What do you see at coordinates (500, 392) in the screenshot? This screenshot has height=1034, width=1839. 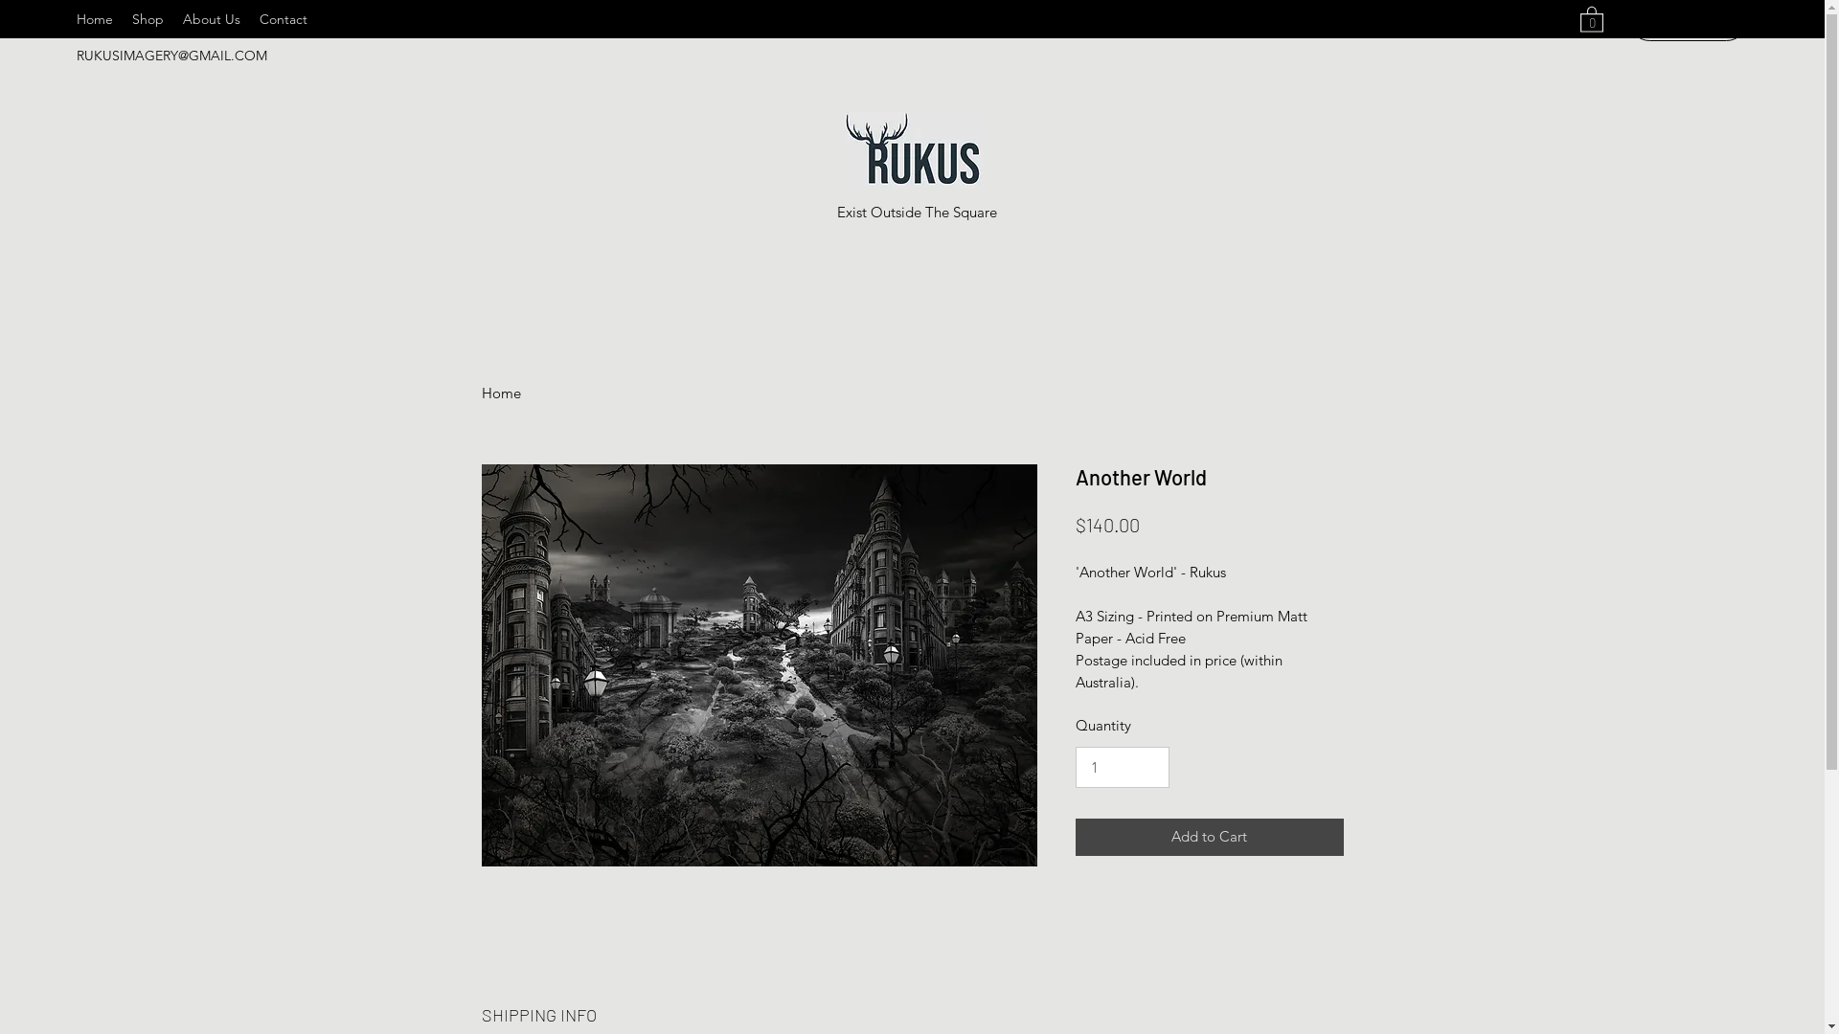 I see `'Home'` at bounding box center [500, 392].